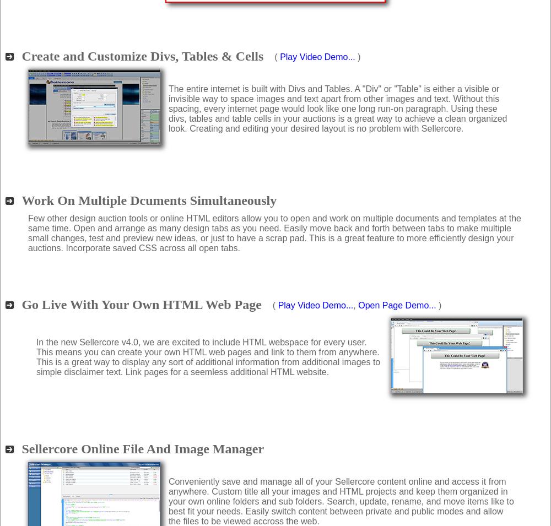  I want to click on 'The entire internet is built with Divs and Tables. A "Div" or "Table" is either a visible or invisible way to space images and text apart from other images and text. Without this spacing, every internet page would look like one long run-on paragraph. Using these divs, tables and table cells in your auctions is a great way to achieve a clean organized look. Creating and editing your desired layout is no problem with Sellercore.', so click(337, 109).